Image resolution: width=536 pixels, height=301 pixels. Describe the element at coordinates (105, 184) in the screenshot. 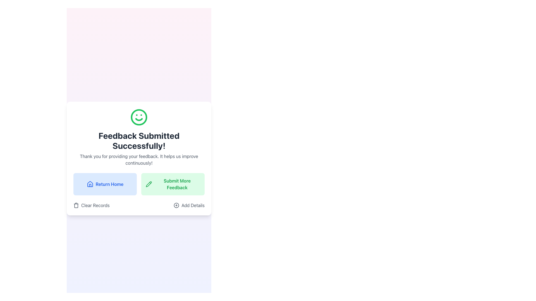

I see `the 'Back to Home' button located in the left column below the 'Feedback Submitted Successfully!' section` at that location.